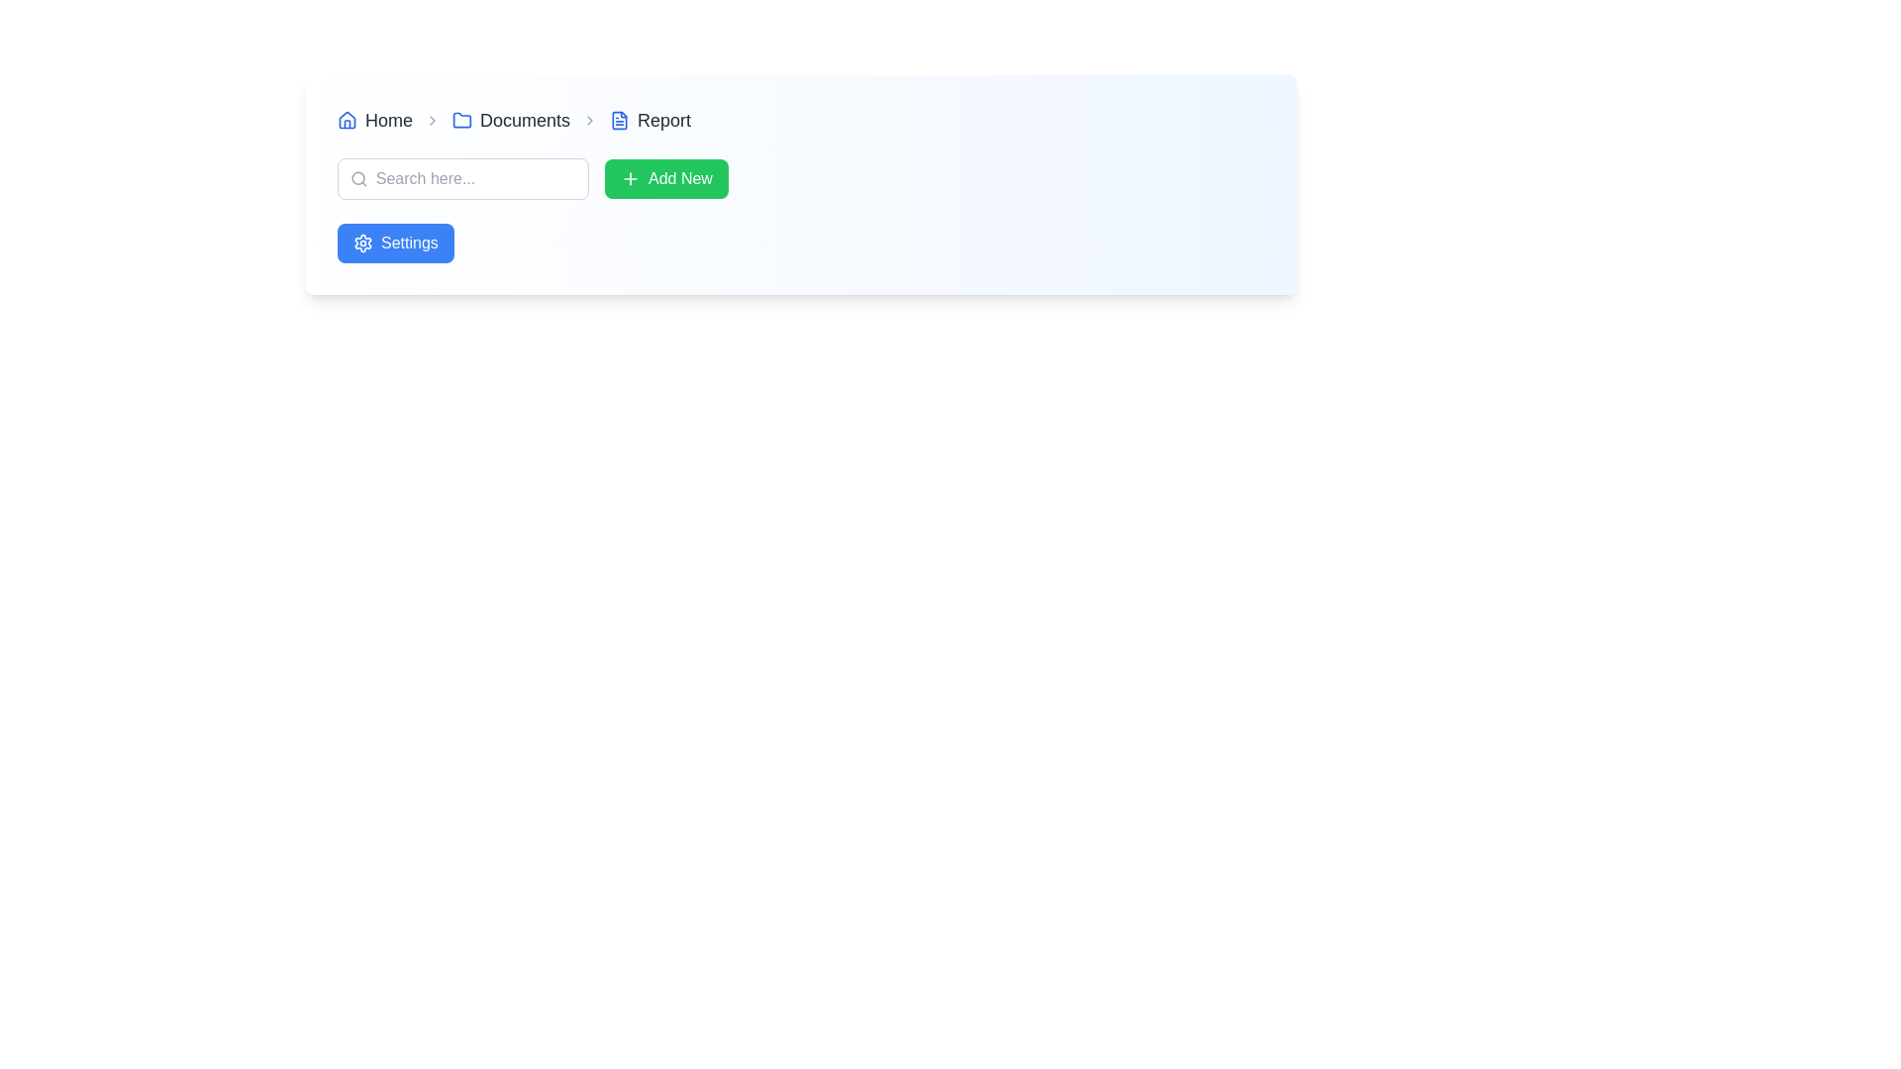  What do you see at coordinates (619, 121) in the screenshot?
I see `the SVG Icon representing the 'Report' document in the breadcrumb navigation located at the top center of the interface` at bounding box center [619, 121].